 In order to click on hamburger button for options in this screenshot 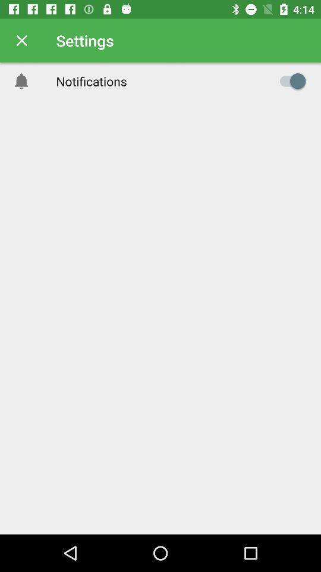, I will do `click(289, 80)`.